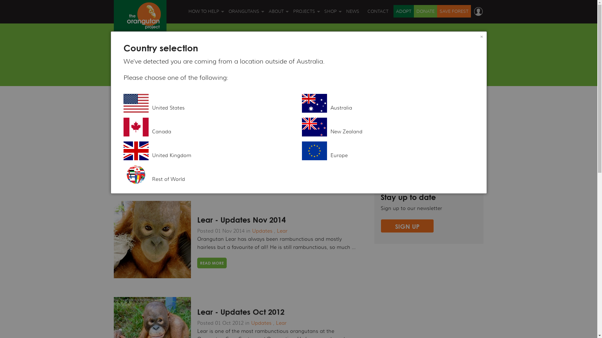 Image resolution: width=602 pixels, height=338 pixels. Describe the element at coordinates (206, 11) in the screenshot. I see `'HOW TO HELP'` at that location.